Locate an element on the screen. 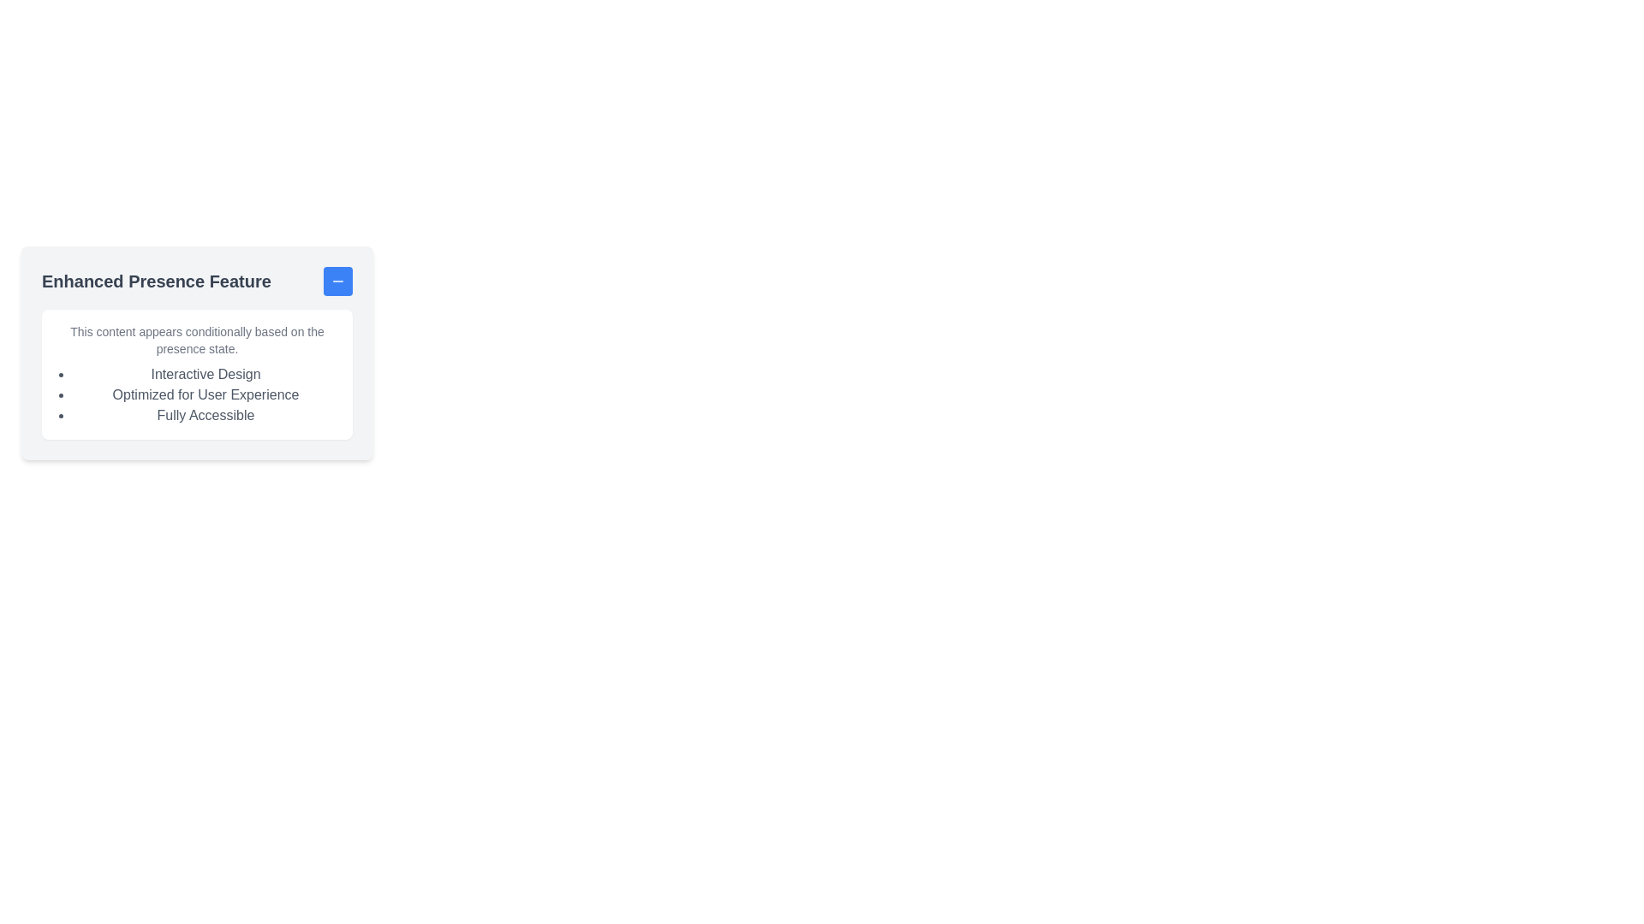 The image size is (1644, 924). the second item in the bulleted list, which provides descriptive content about the 'Enhanced Presence Feature' is located at coordinates (205, 395).